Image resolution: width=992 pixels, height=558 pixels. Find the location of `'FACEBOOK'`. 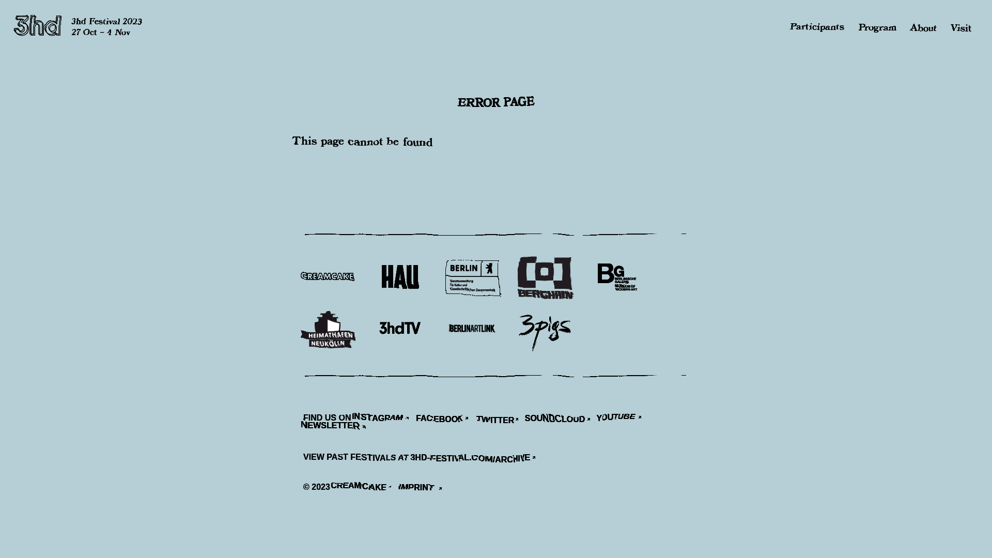

'FACEBOOK' is located at coordinates (445, 419).